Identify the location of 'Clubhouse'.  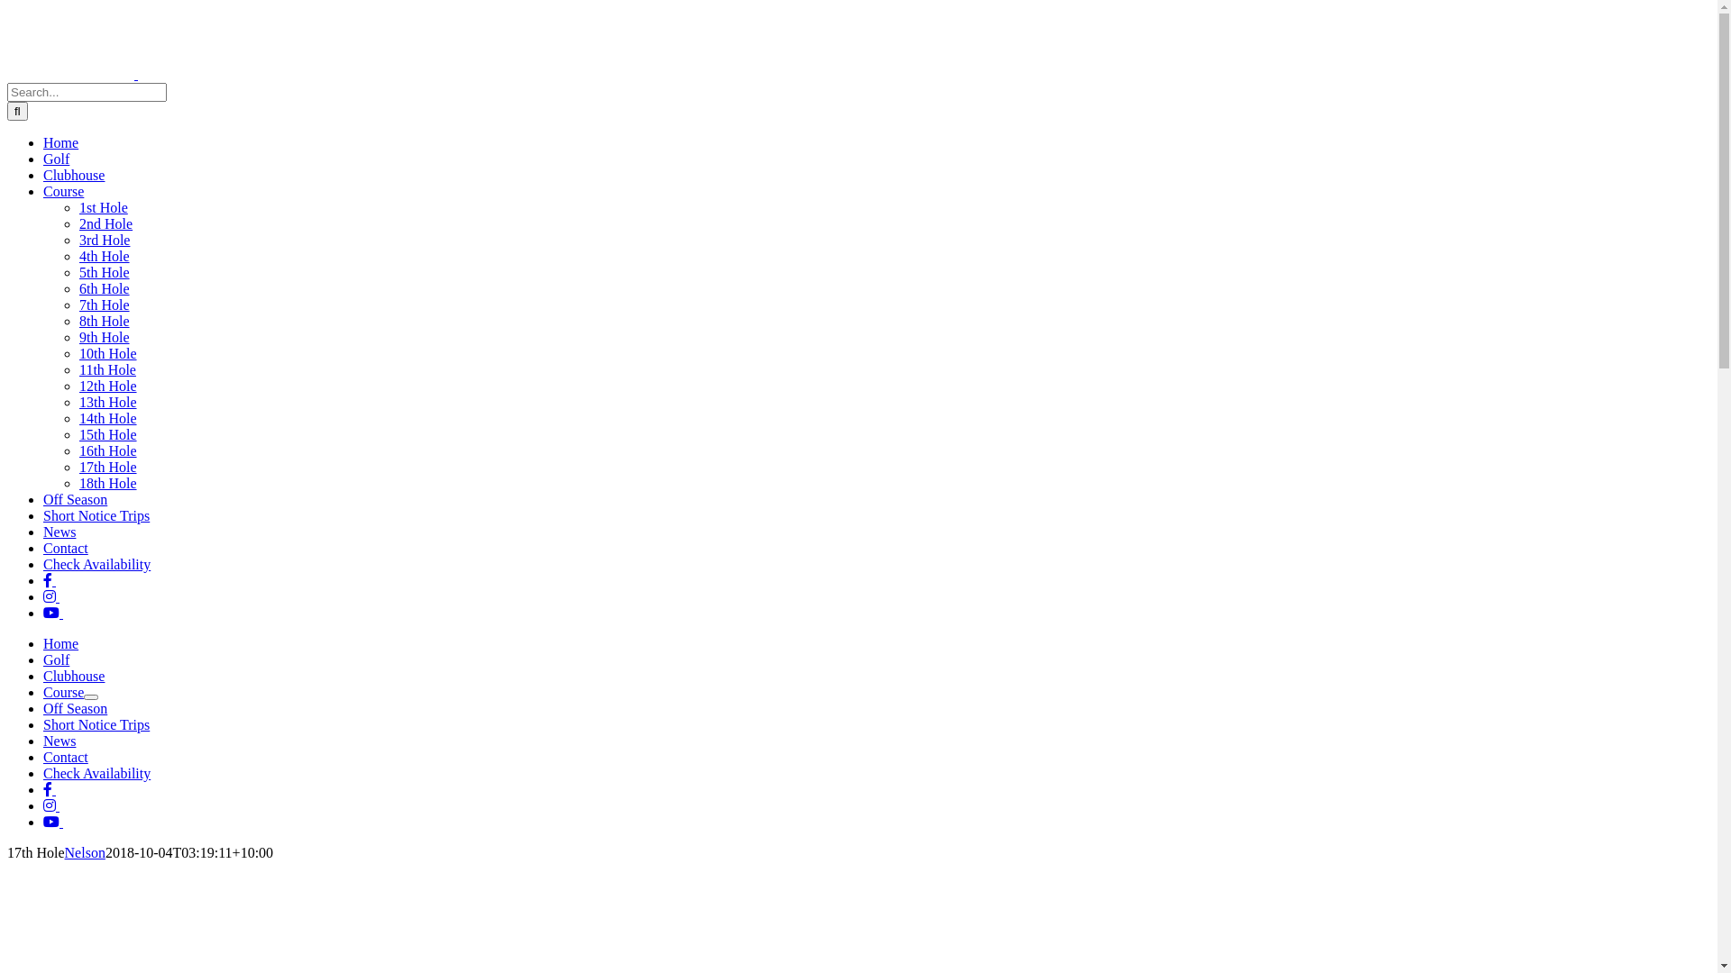
(72, 676).